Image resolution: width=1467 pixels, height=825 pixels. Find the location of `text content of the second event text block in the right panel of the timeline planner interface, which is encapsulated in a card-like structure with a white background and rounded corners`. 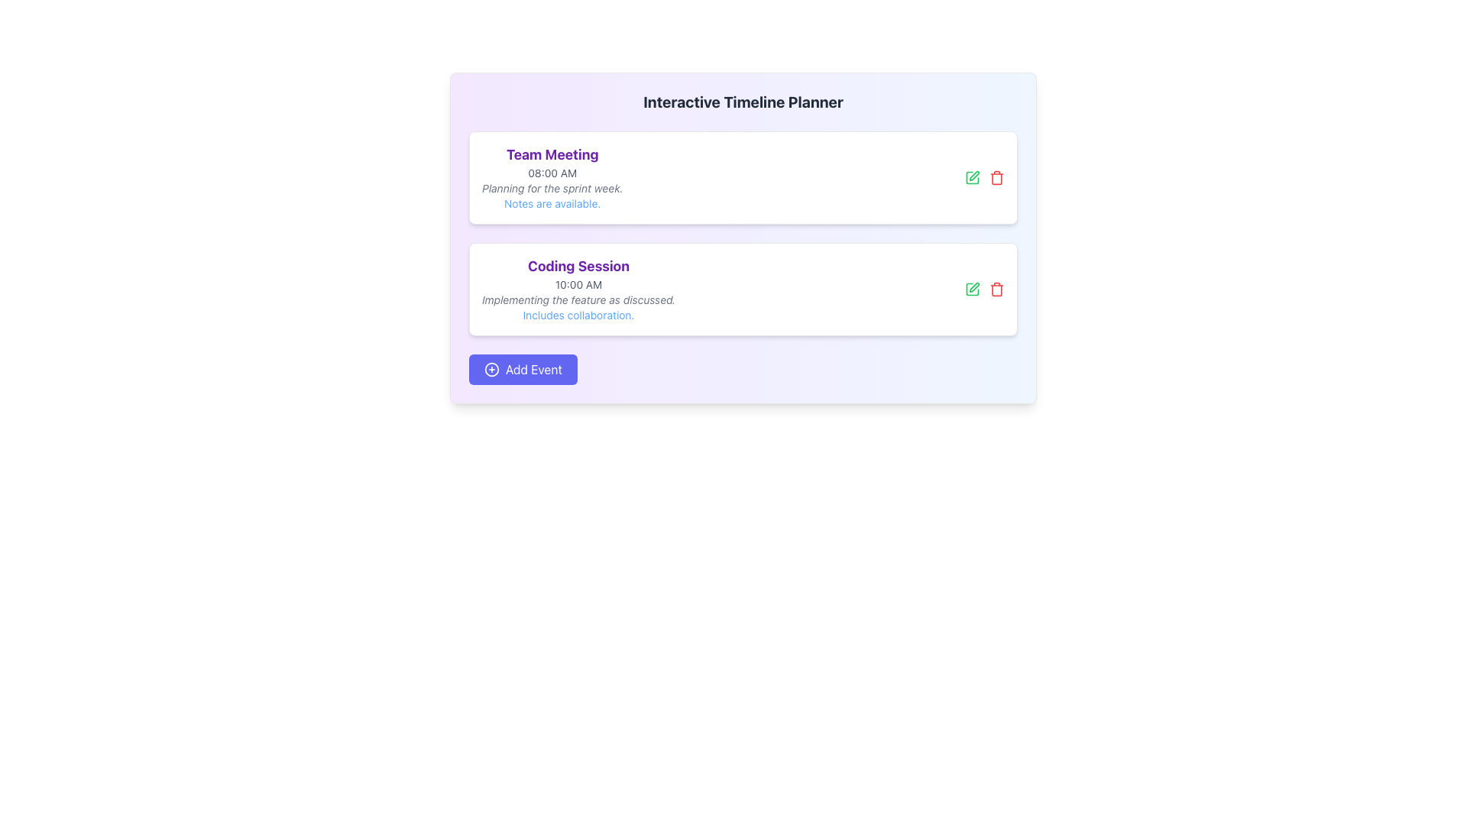

text content of the second event text block in the right panel of the timeline planner interface, which is encapsulated in a card-like structure with a white background and rounded corners is located at coordinates (578, 289).